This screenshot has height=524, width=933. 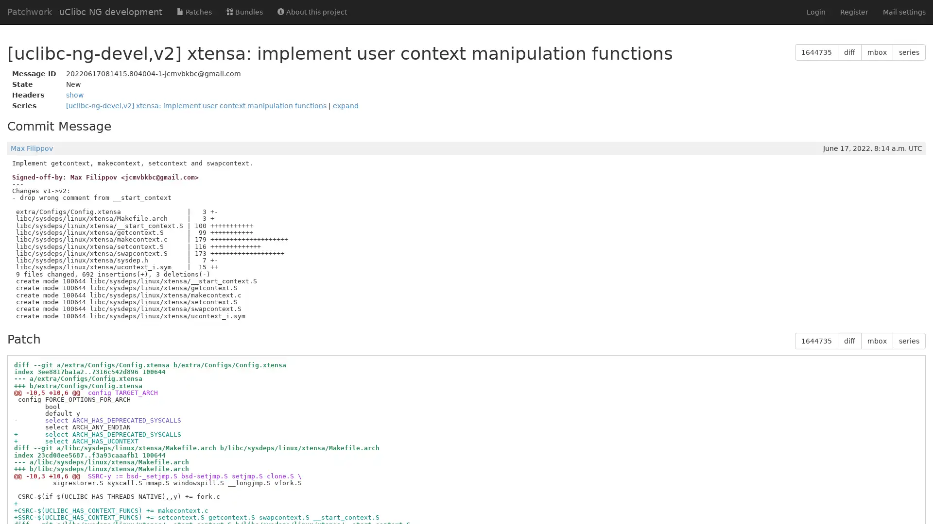 What do you see at coordinates (909, 340) in the screenshot?
I see `series` at bounding box center [909, 340].